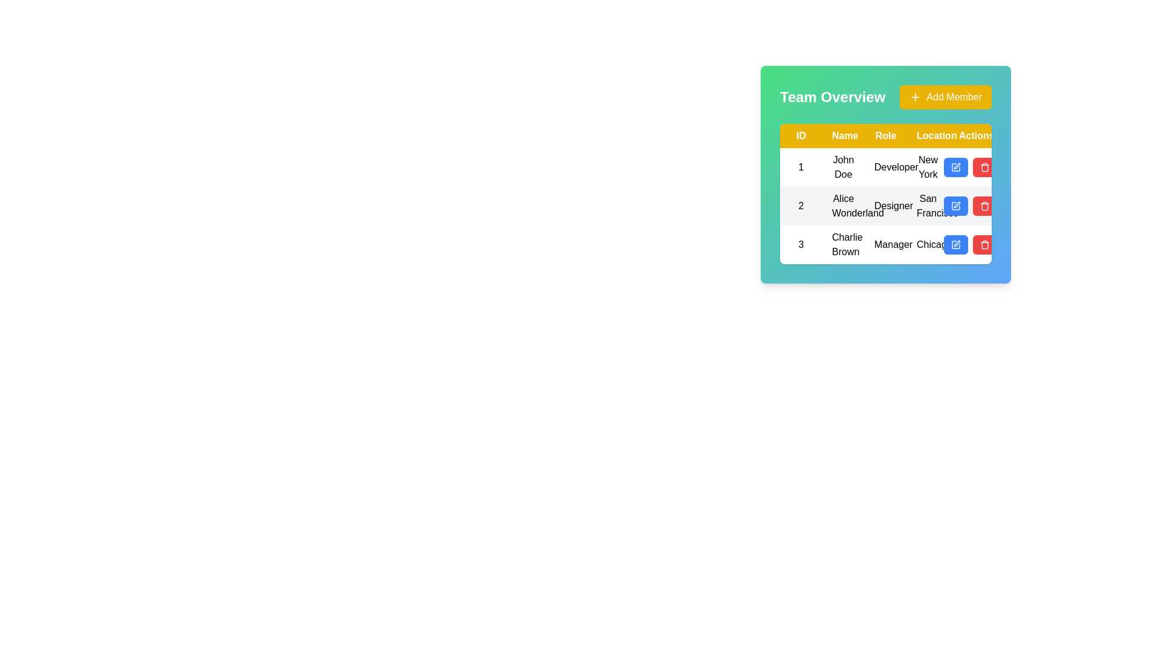 The width and height of the screenshot is (1161, 653). I want to click on the graphical separator located in the middle of the 'Actions' column in the second row of the table under the 'Team Overview' section, which separates the blue button on the left and the red button on the right, so click(970, 205).